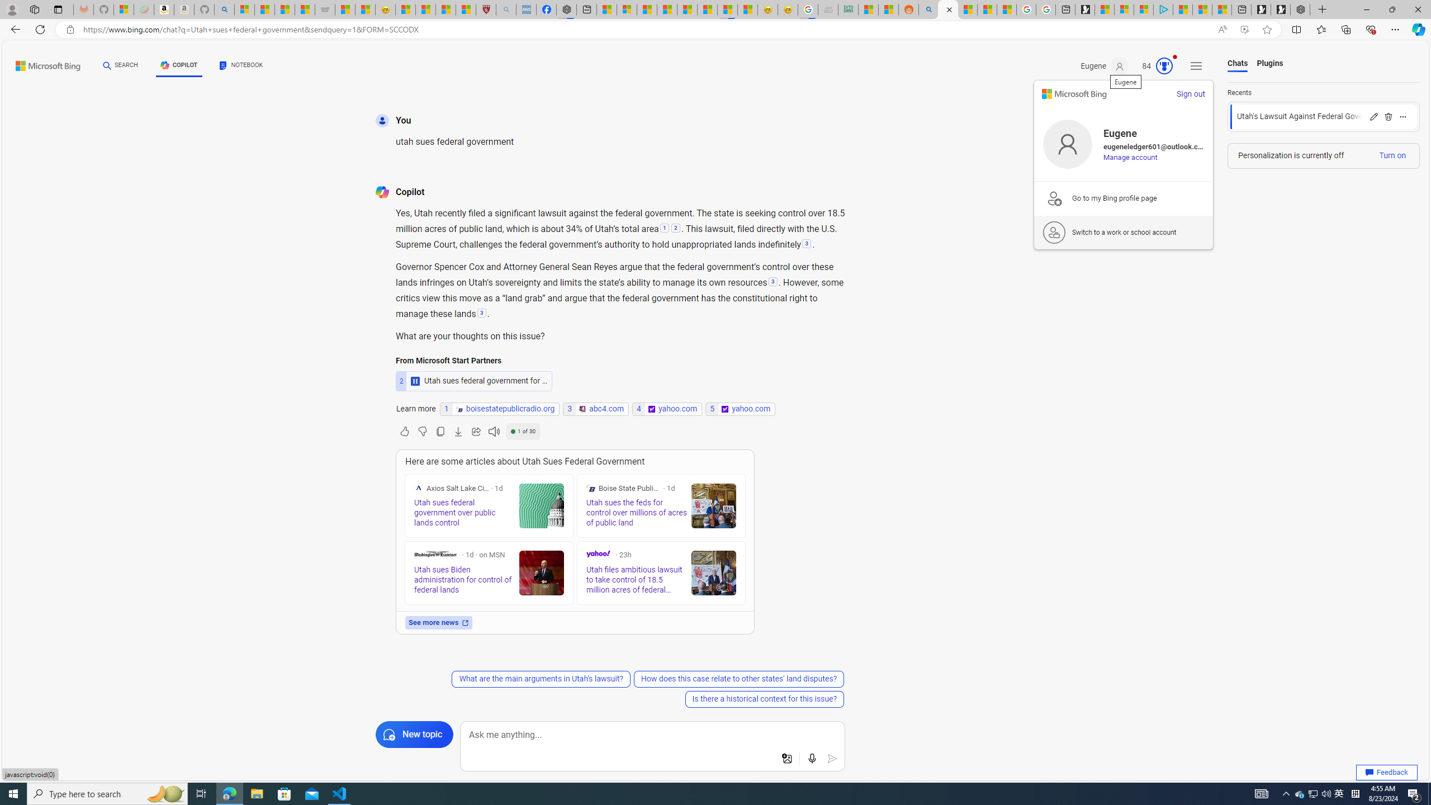  Describe the element at coordinates (1067, 144) in the screenshot. I see `'Profile Picture'` at that location.